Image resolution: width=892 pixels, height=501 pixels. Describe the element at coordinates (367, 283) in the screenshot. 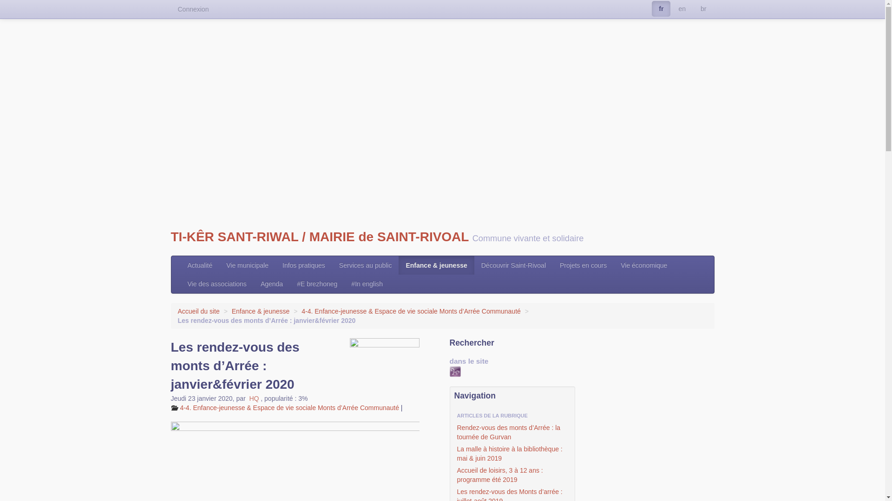

I see `'#In english'` at that location.